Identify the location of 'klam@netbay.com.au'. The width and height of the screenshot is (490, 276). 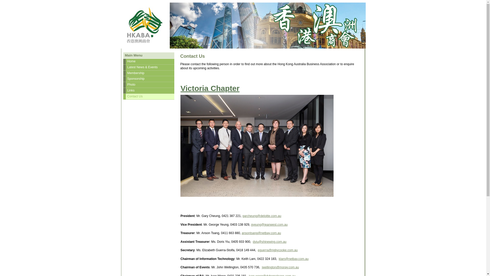
(278, 259).